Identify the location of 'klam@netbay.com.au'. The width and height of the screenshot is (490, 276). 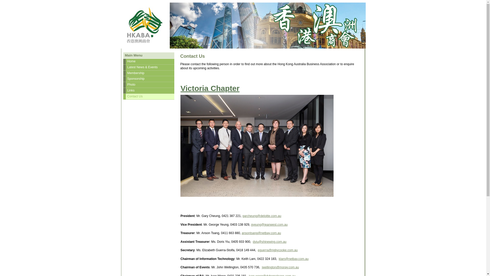
(278, 259).